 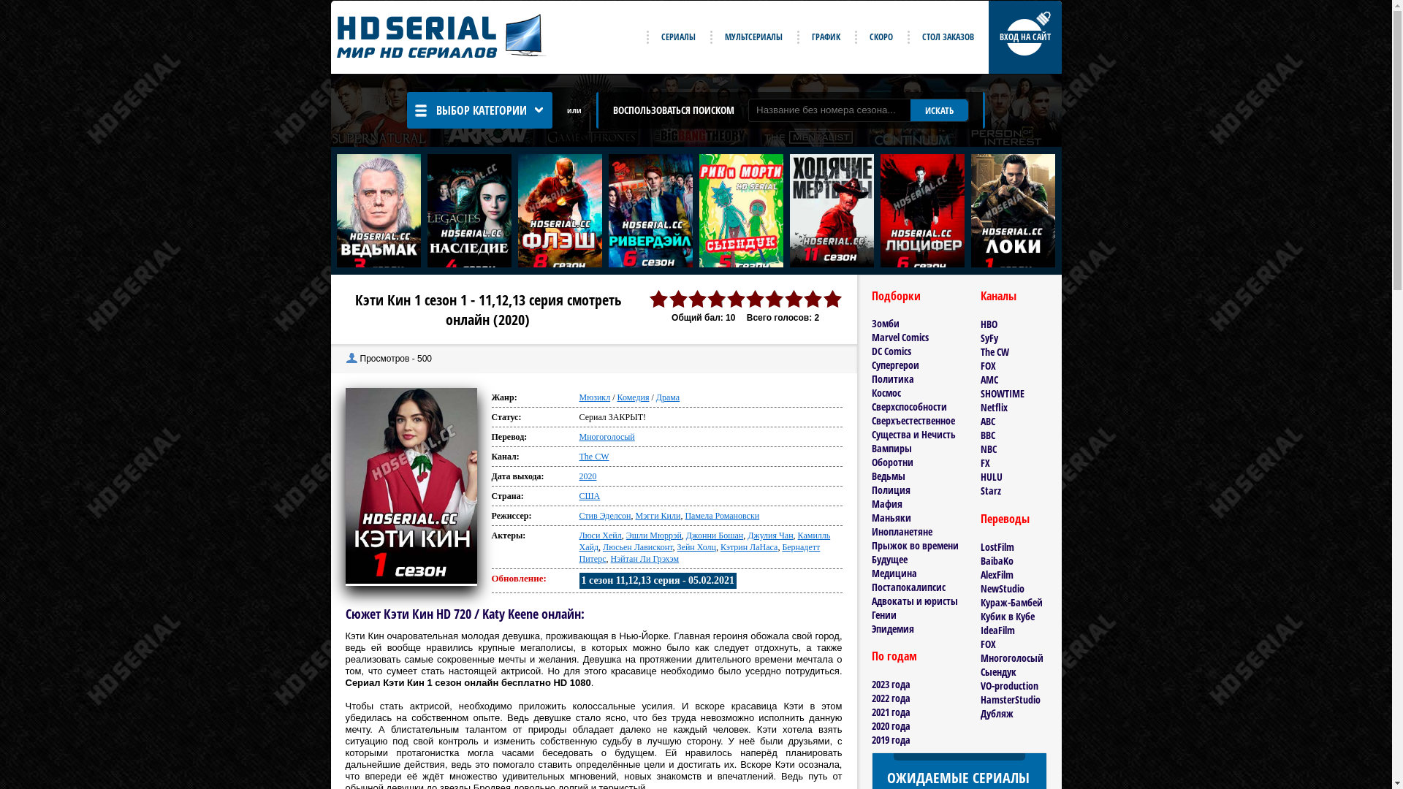 I want to click on 'SyFy', so click(x=989, y=338).